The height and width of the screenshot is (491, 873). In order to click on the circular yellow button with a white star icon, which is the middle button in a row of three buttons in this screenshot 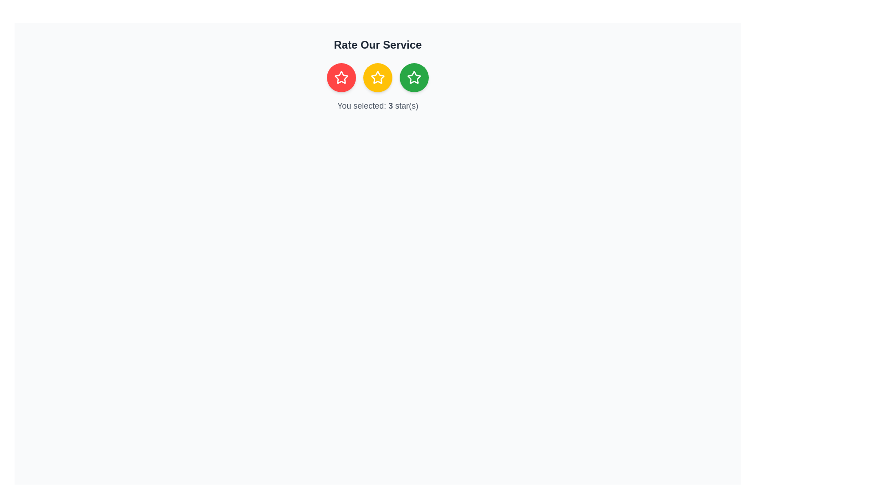, I will do `click(377, 77)`.